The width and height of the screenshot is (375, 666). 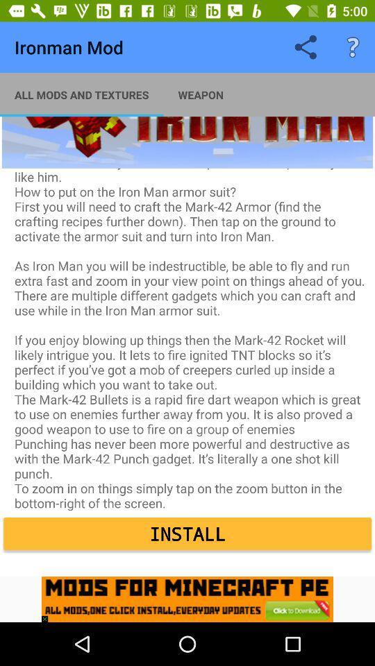 I want to click on the icon next to the all mods and app, so click(x=200, y=94).